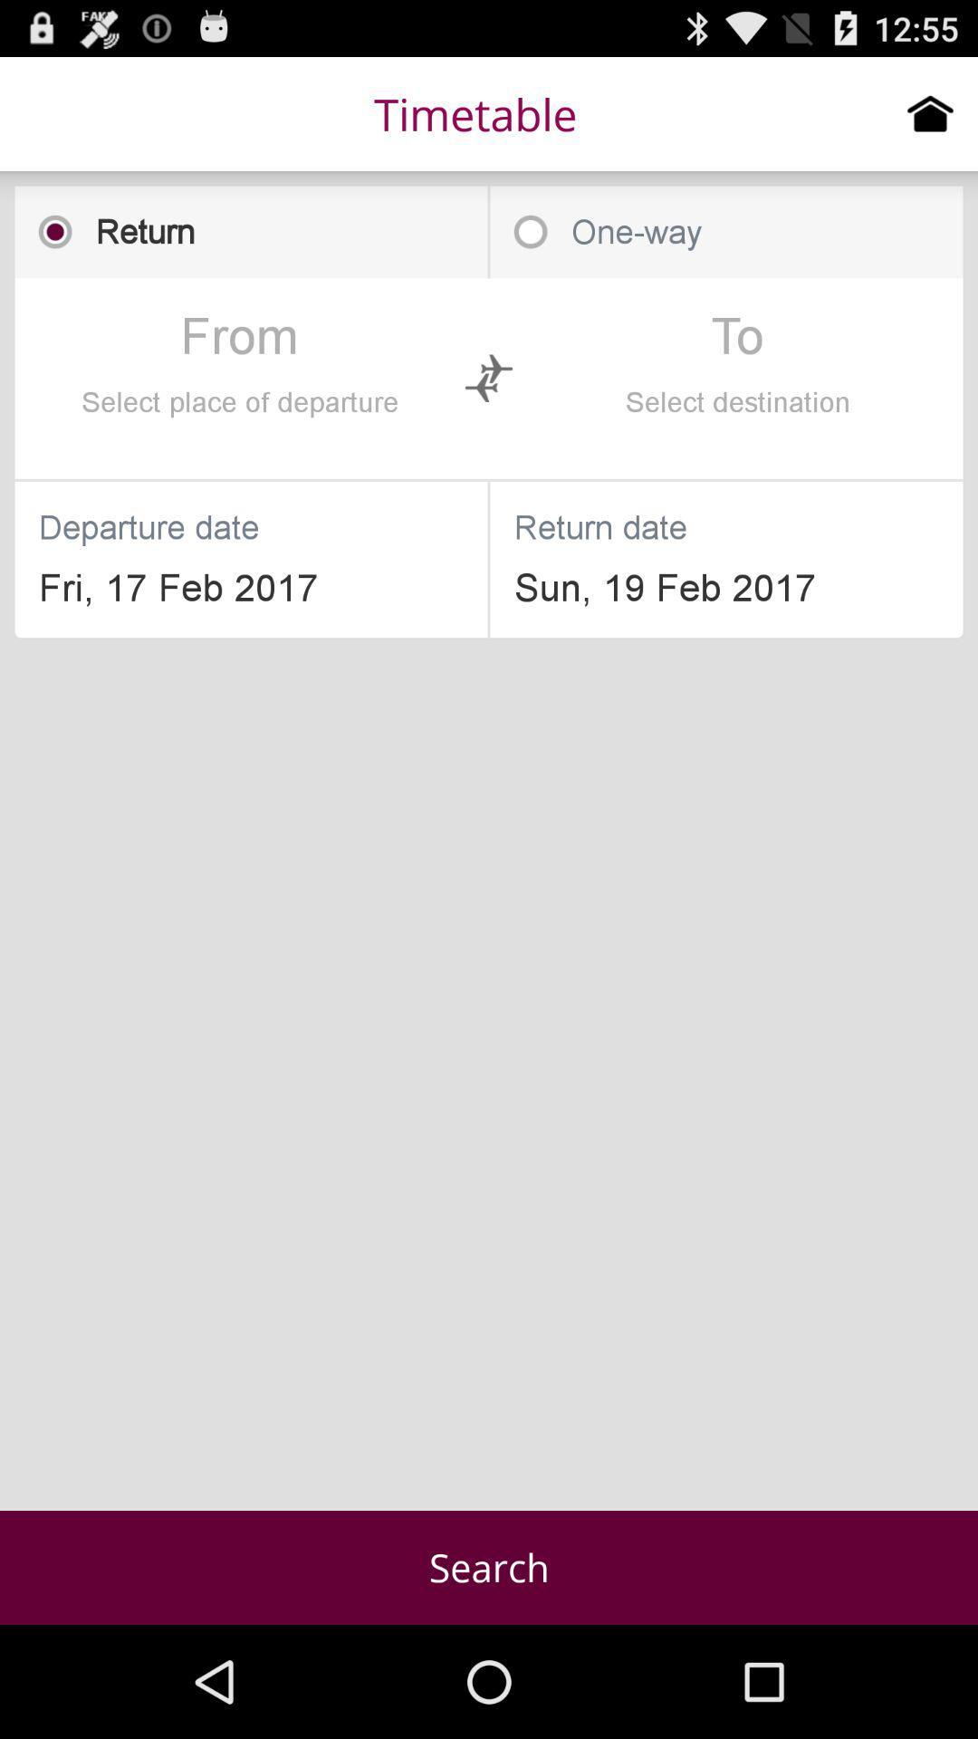 This screenshot has height=1739, width=978. What do you see at coordinates (930, 112) in the screenshot?
I see `click home menu` at bounding box center [930, 112].